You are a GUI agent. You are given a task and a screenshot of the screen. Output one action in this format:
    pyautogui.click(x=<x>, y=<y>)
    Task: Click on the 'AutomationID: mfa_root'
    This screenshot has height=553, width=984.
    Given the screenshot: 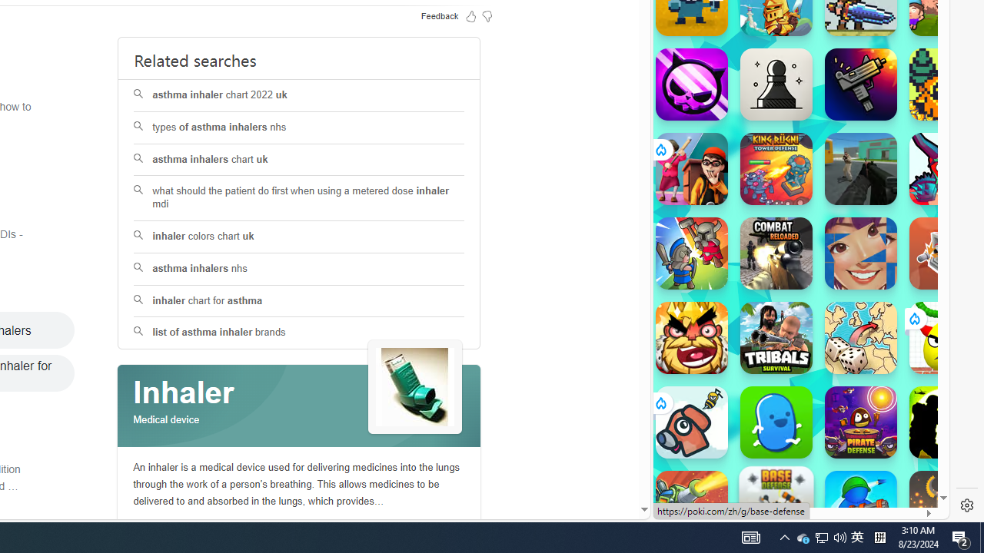 What is the action you would take?
    pyautogui.click(x=585, y=462)
    